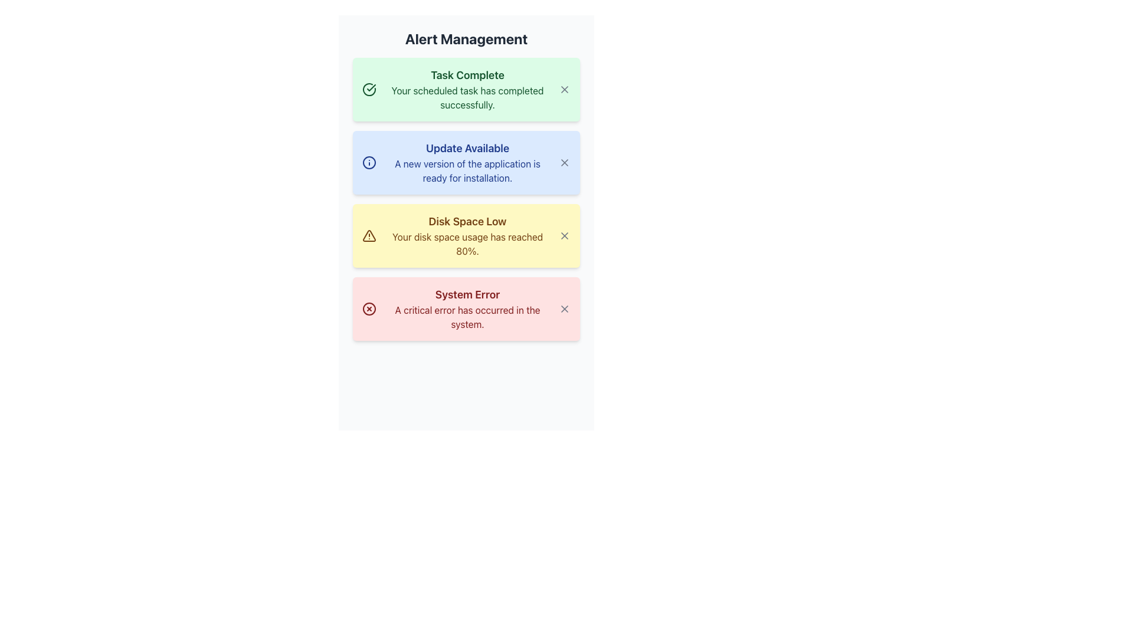  What do you see at coordinates (467, 308) in the screenshot?
I see `the text block displaying 'System Error' with critical error details, located at the bottom of the alert notifications list` at bounding box center [467, 308].